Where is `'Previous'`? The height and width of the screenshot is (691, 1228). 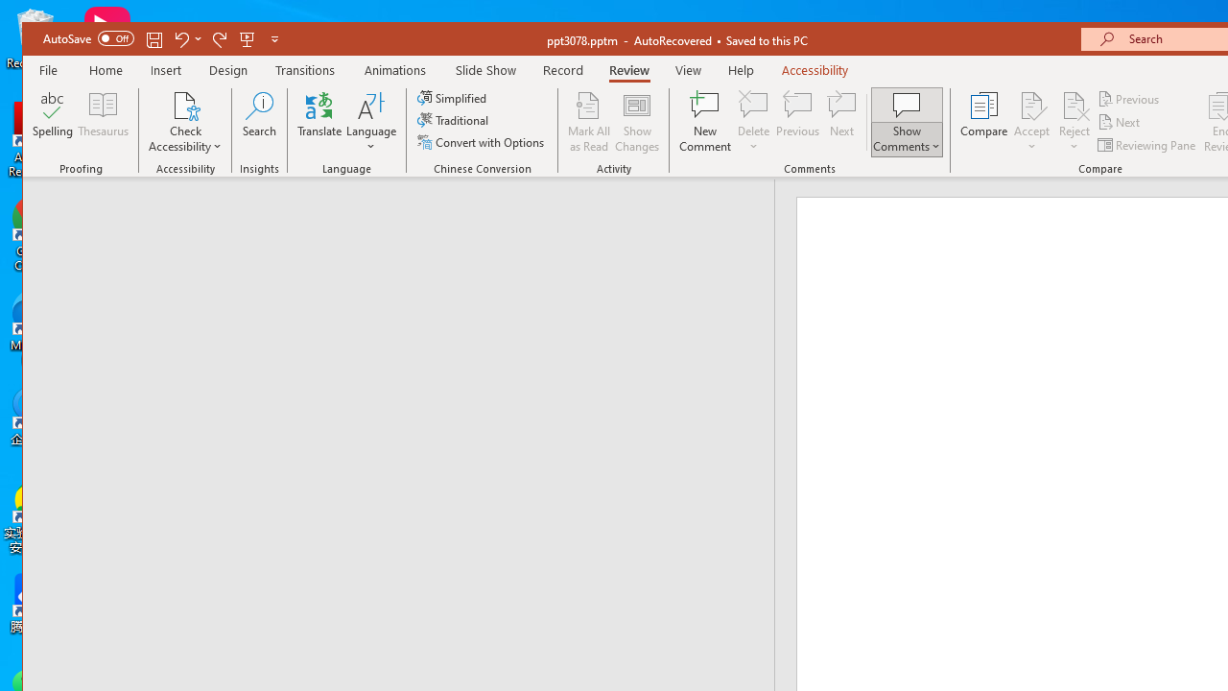 'Previous' is located at coordinates (1129, 99).